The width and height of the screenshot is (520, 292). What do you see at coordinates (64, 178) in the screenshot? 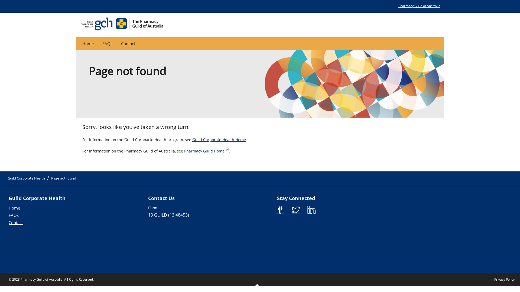
I see `'Page not found'` at bounding box center [64, 178].